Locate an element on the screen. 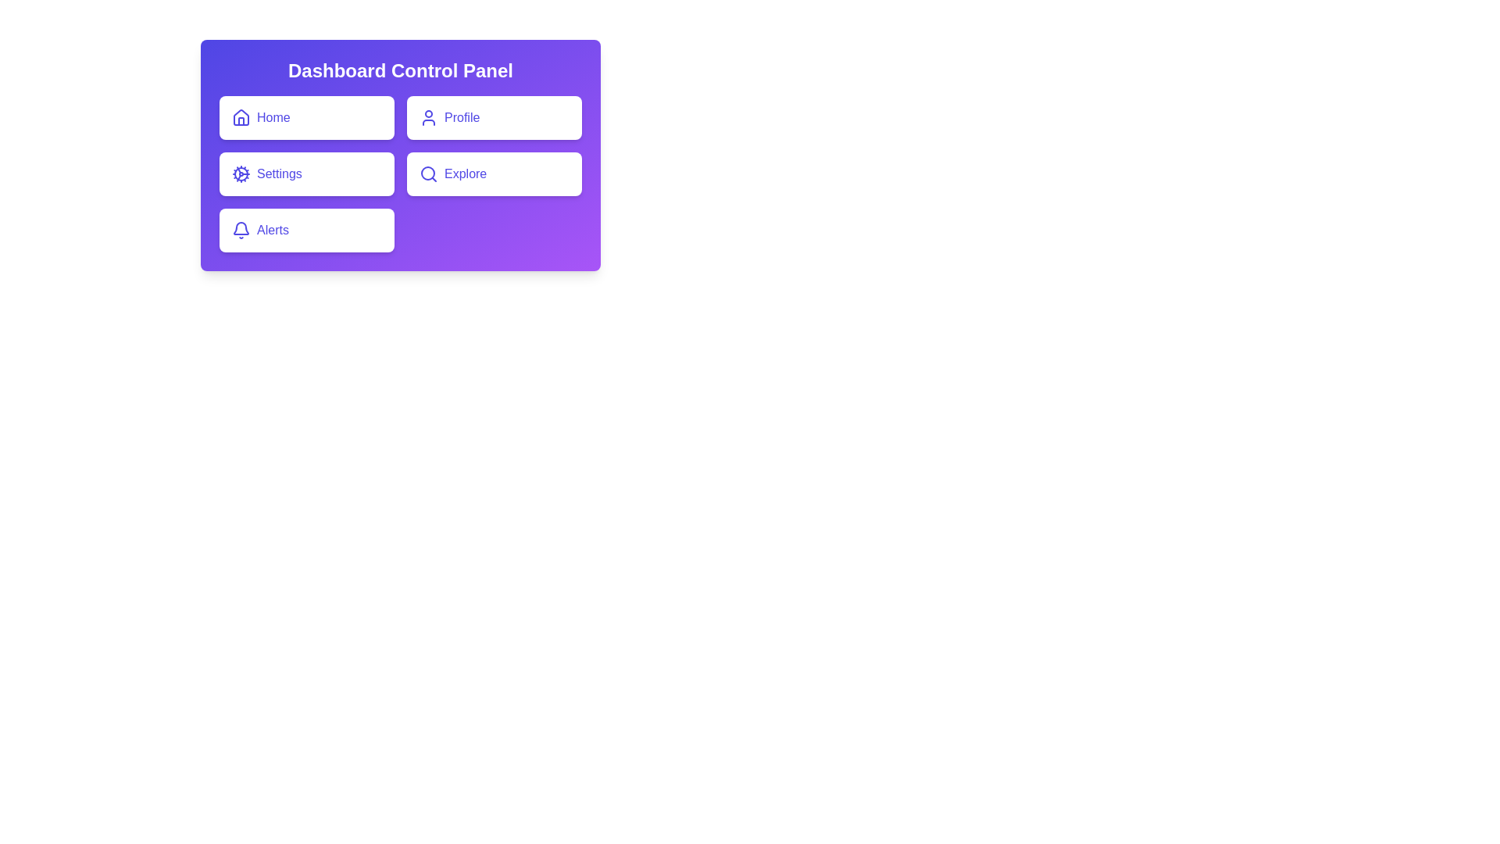  the 'Settings' button in the Grid of interactive buttons located under the 'Dashboard Control Panel' is located at coordinates (401, 174).